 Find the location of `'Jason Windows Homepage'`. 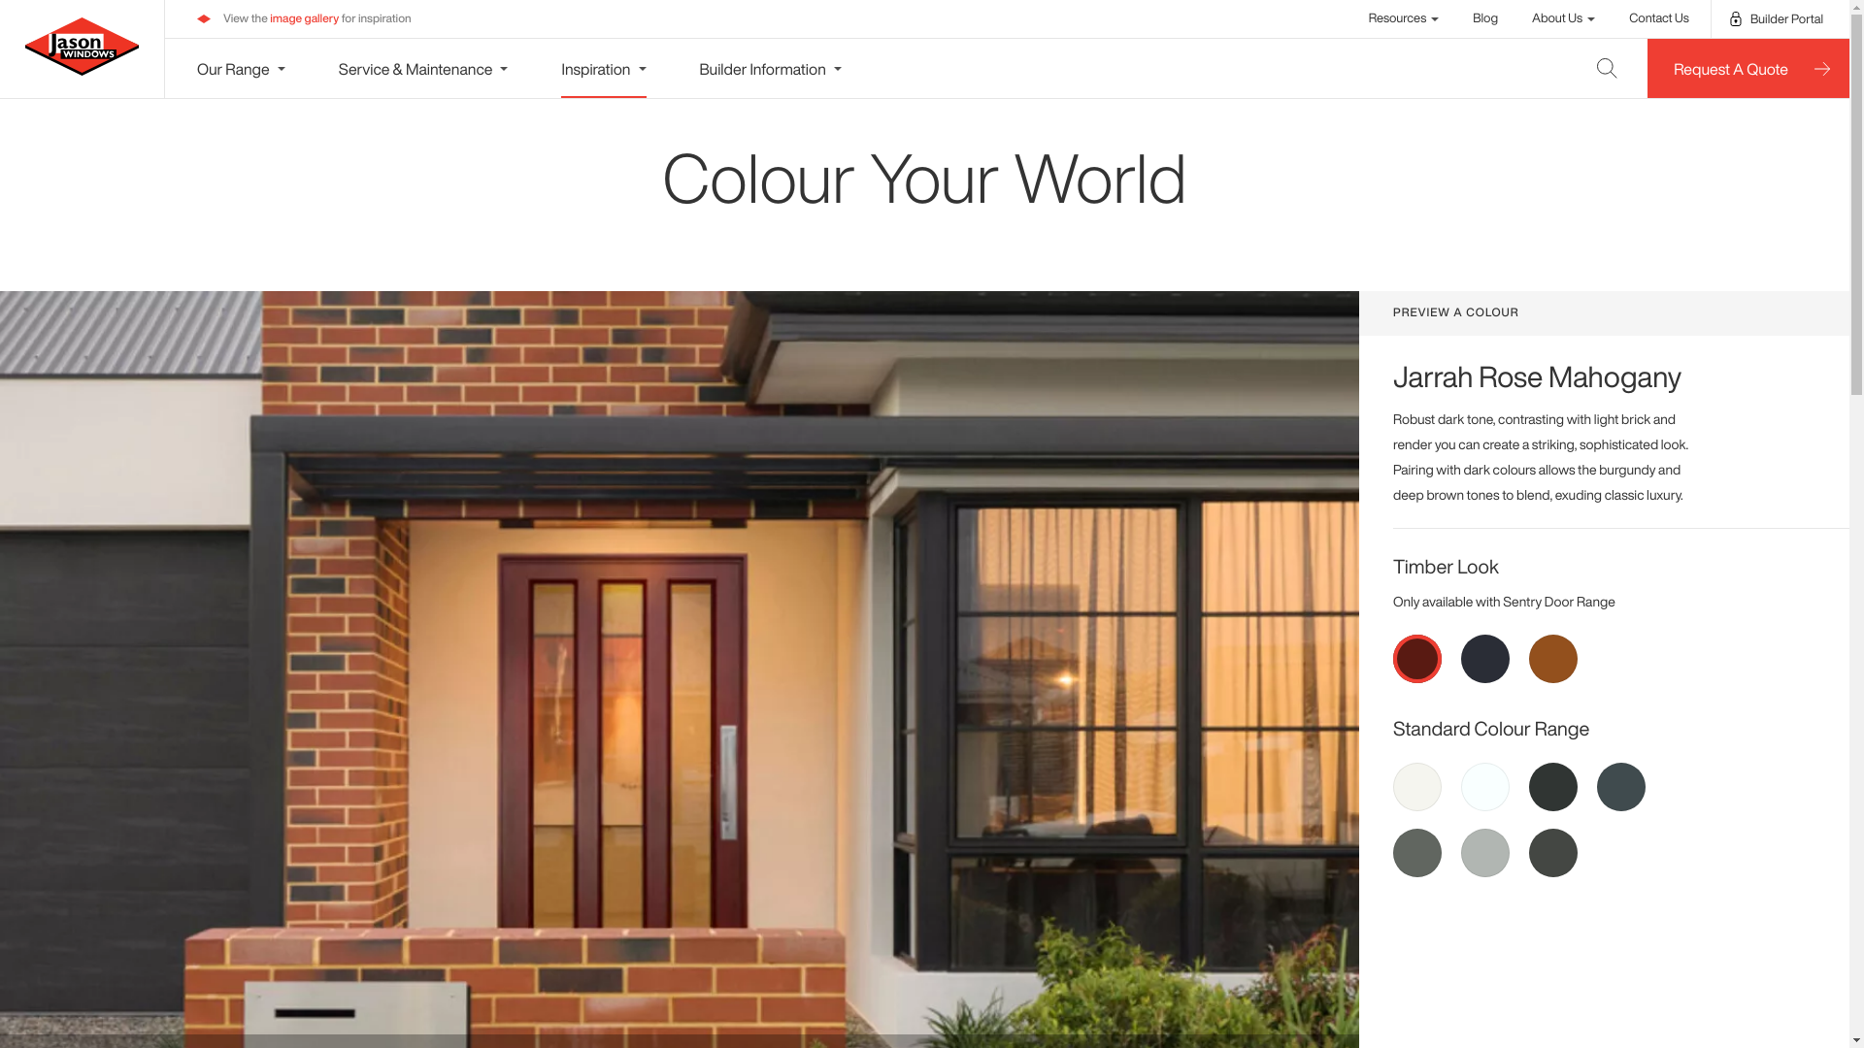

'Jason Windows Homepage' is located at coordinates (81, 45).